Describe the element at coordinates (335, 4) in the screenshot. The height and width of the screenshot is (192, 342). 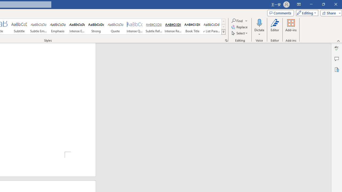
I see `'Close'` at that location.